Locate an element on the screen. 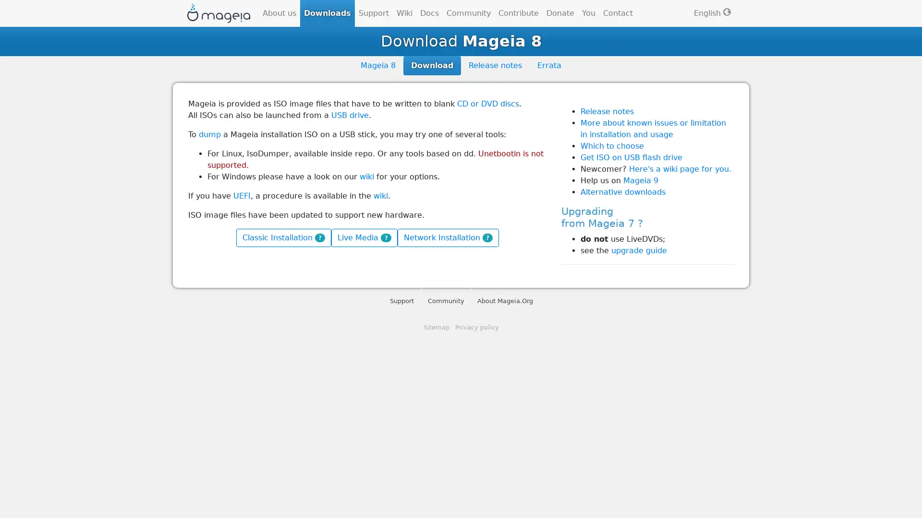 This screenshot has height=518, width=922. ? is located at coordinates (320, 237).